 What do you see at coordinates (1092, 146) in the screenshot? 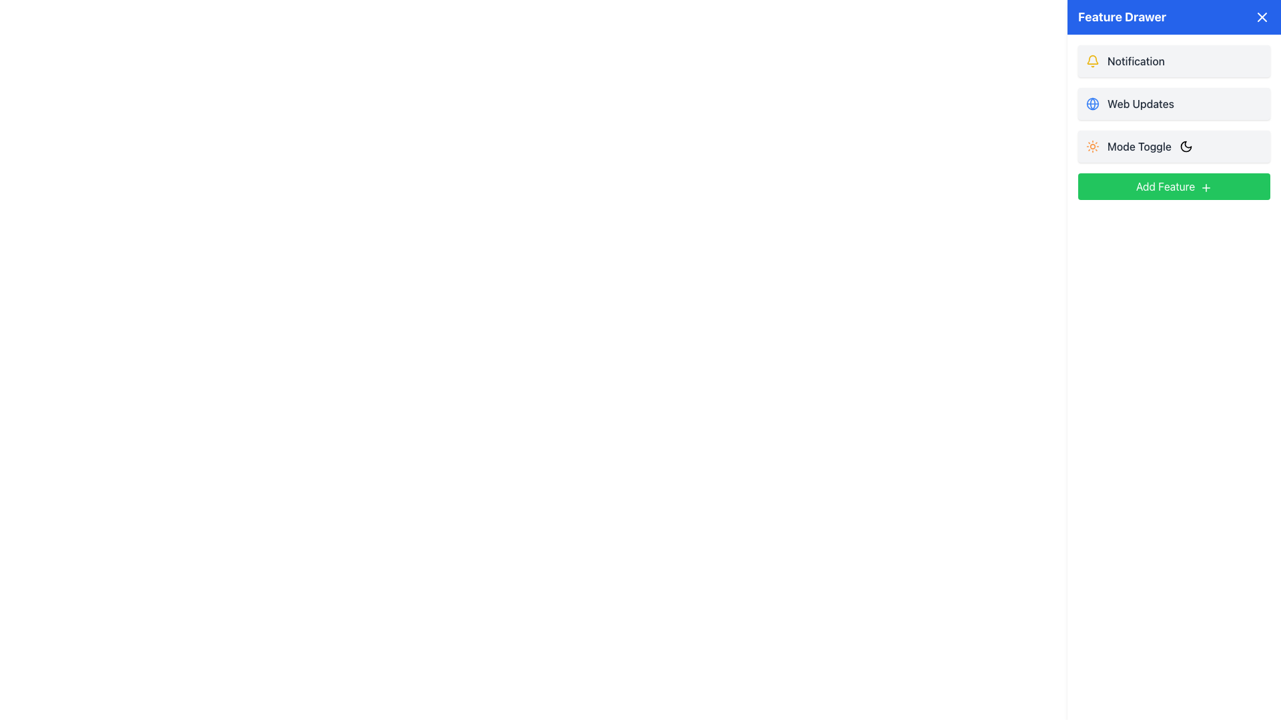
I see `the sun icon in the 'Mode Toggle' control located in the right sidebar to prompt the tooltip` at bounding box center [1092, 146].